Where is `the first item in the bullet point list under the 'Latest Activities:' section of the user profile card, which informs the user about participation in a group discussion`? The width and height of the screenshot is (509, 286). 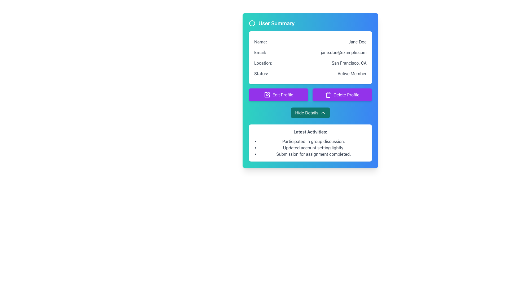
the first item in the bullet point list under the 'Latest Activities:' section of the user profile card, which informs the user about participation in a group discussion is located at coordinates (313, 141).